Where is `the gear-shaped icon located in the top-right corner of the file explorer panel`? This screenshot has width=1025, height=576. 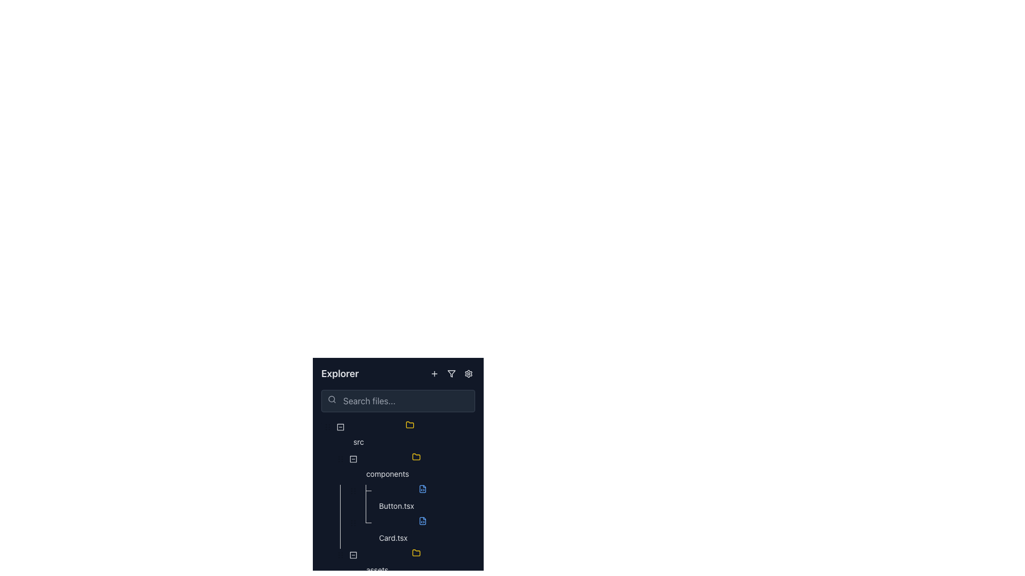 the gear-shaped icon located in the top-right corner of the file explorer panel is located at coordinates (469, 373).